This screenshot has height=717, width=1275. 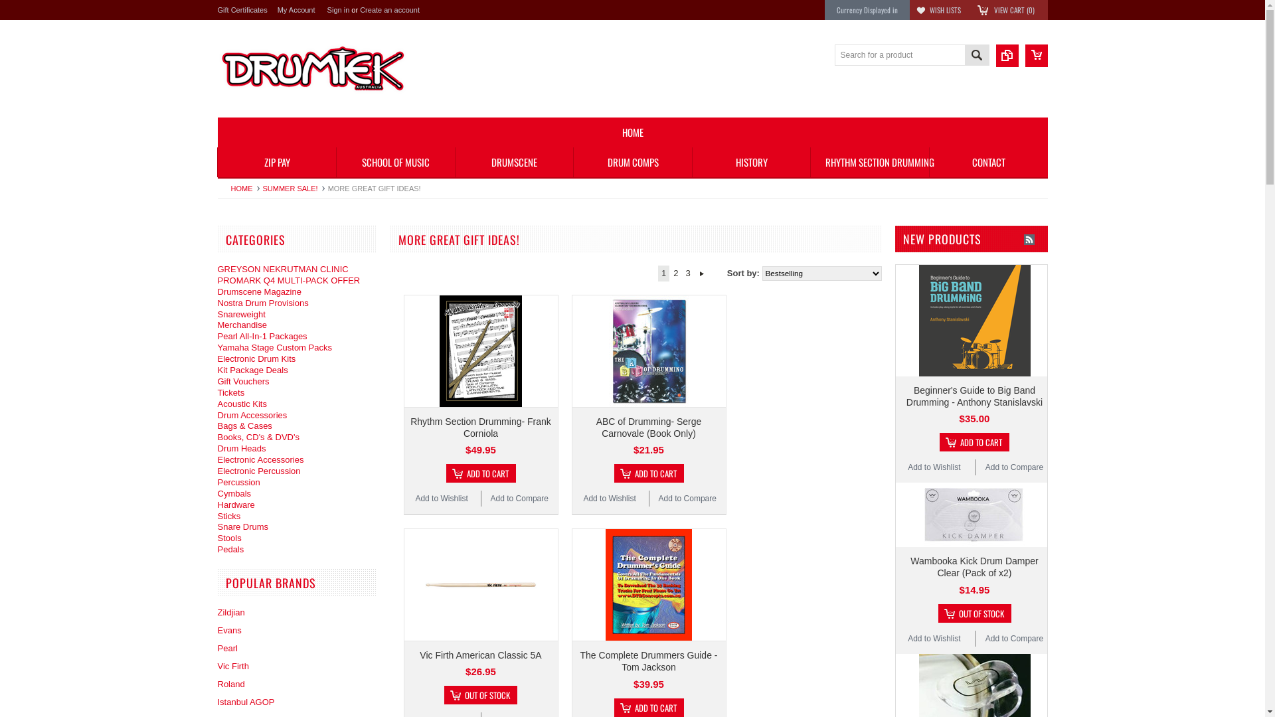 I want to click on 'CONTACT', so click(x=988, y=161).